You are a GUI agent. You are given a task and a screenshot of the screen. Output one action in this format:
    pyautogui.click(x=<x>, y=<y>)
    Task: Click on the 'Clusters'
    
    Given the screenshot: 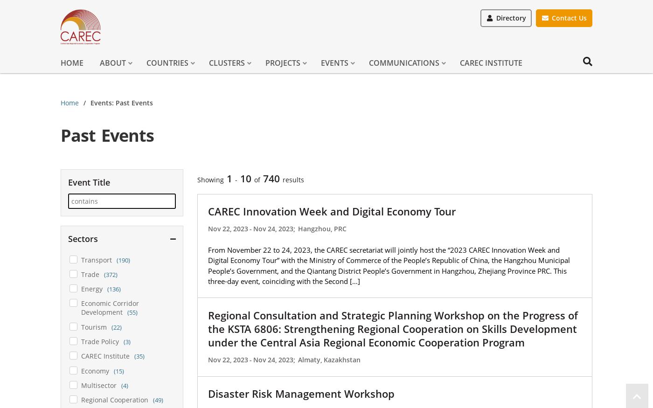 What is the action you would take?
    pyautogui.click(x=209, y=62)
    